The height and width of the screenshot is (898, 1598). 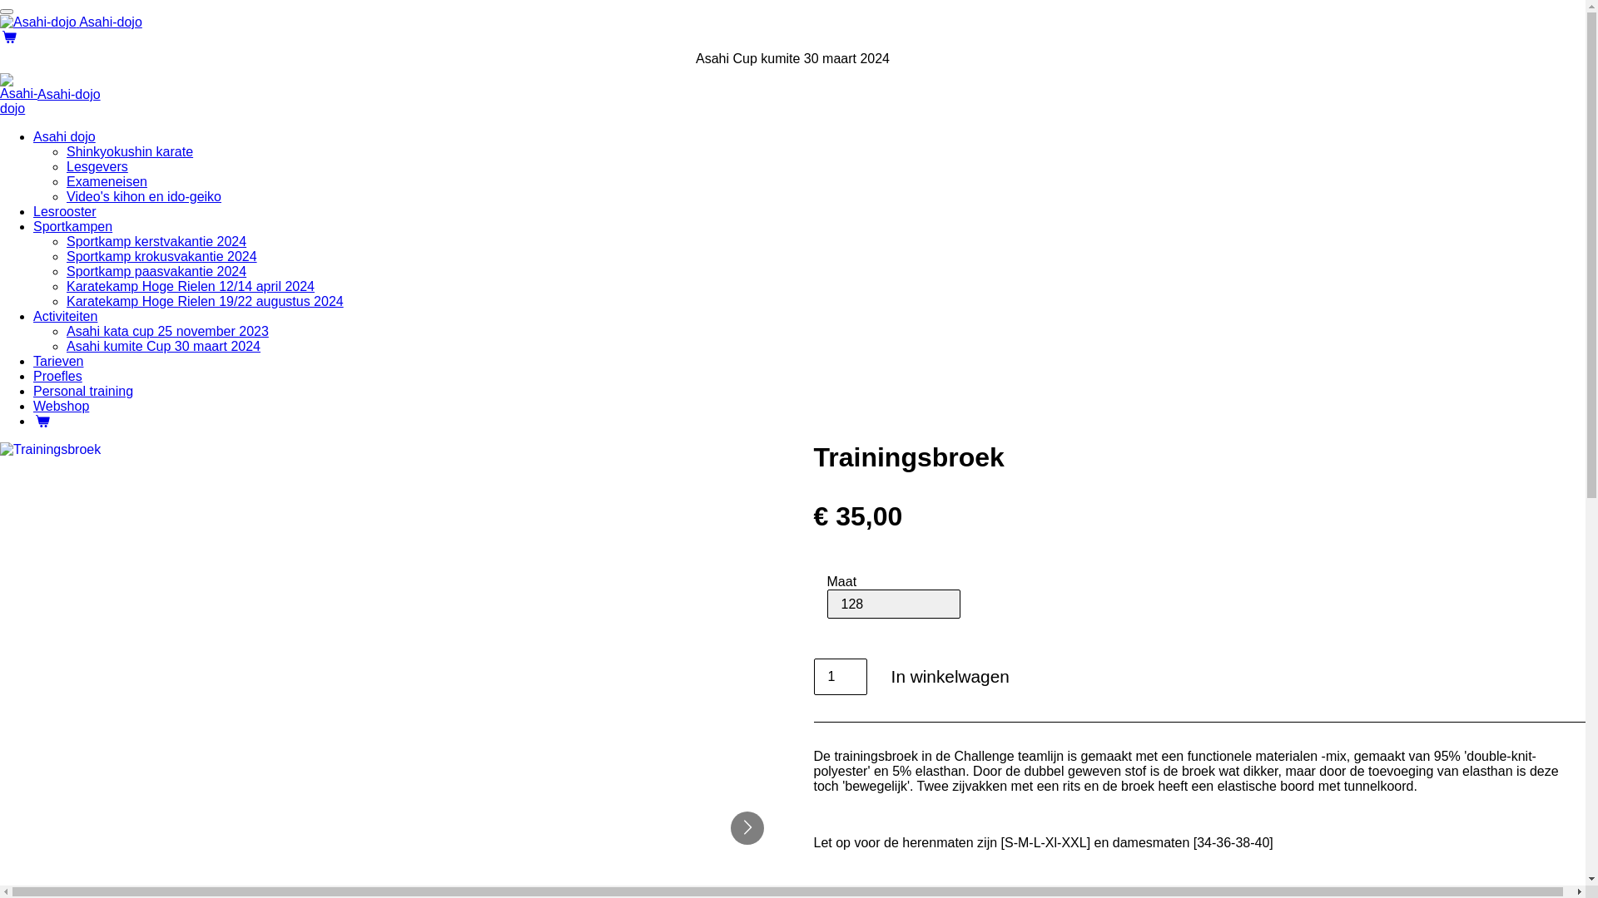 What do you see at coordinates (163, 345) in the screenshot?
I see `'Asahi kumite Cup 30 maart 2024'` at bounding box center [163, 345].